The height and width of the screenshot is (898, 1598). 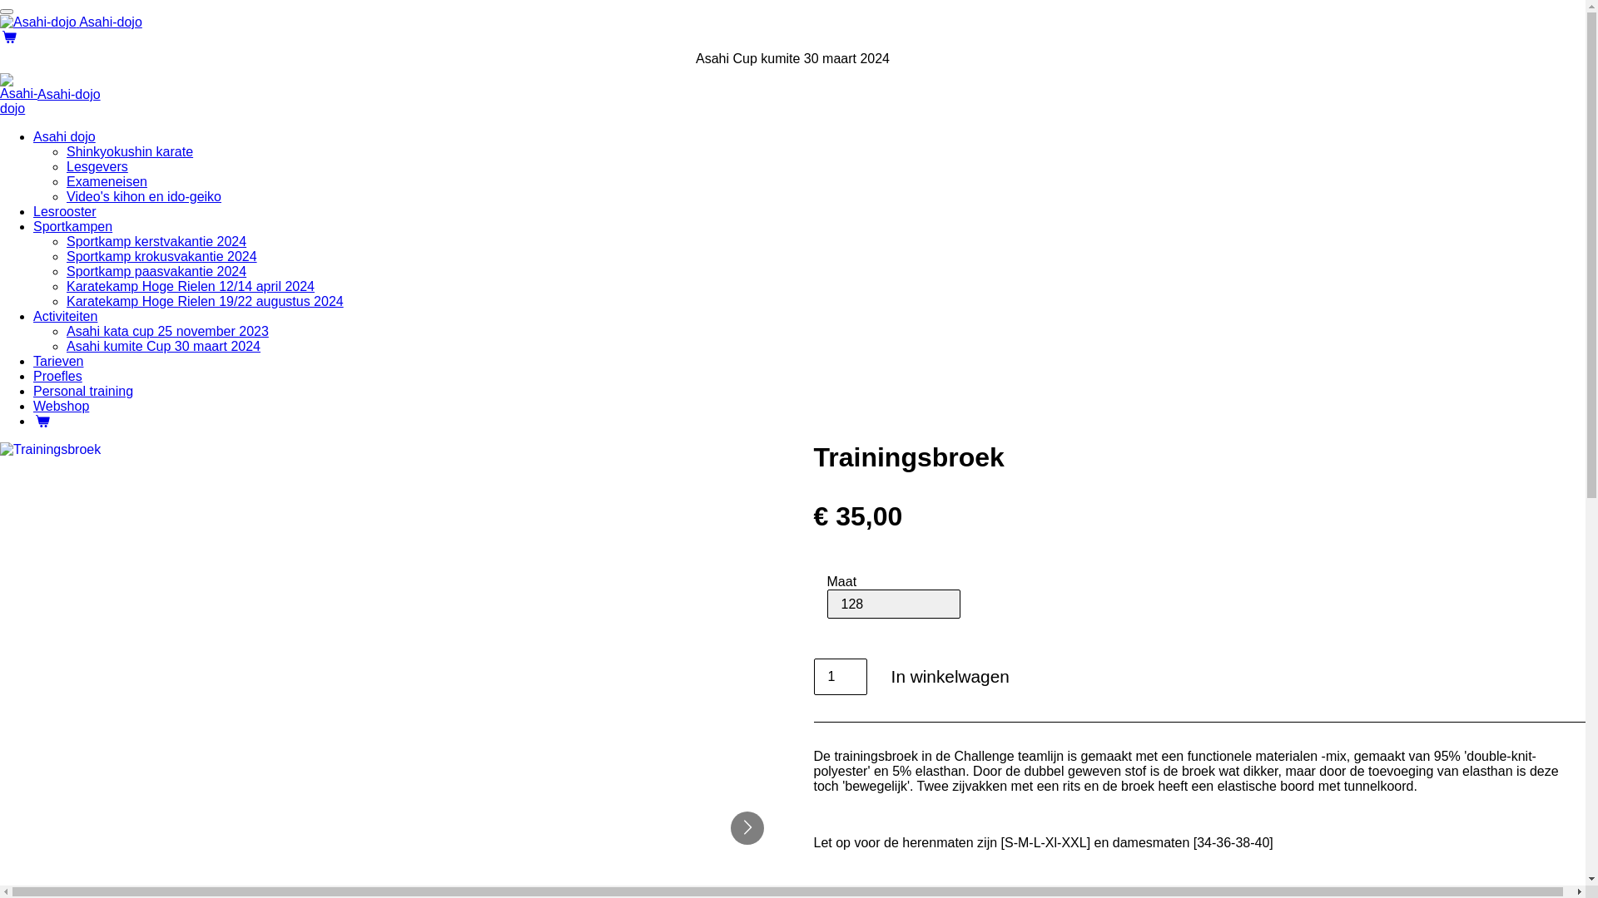 What do you see at coordinates (163, 345) in the screenshot?
I see `'Asahi kumite Cup 30 maart 2024'` at bounding box center [163, 345].